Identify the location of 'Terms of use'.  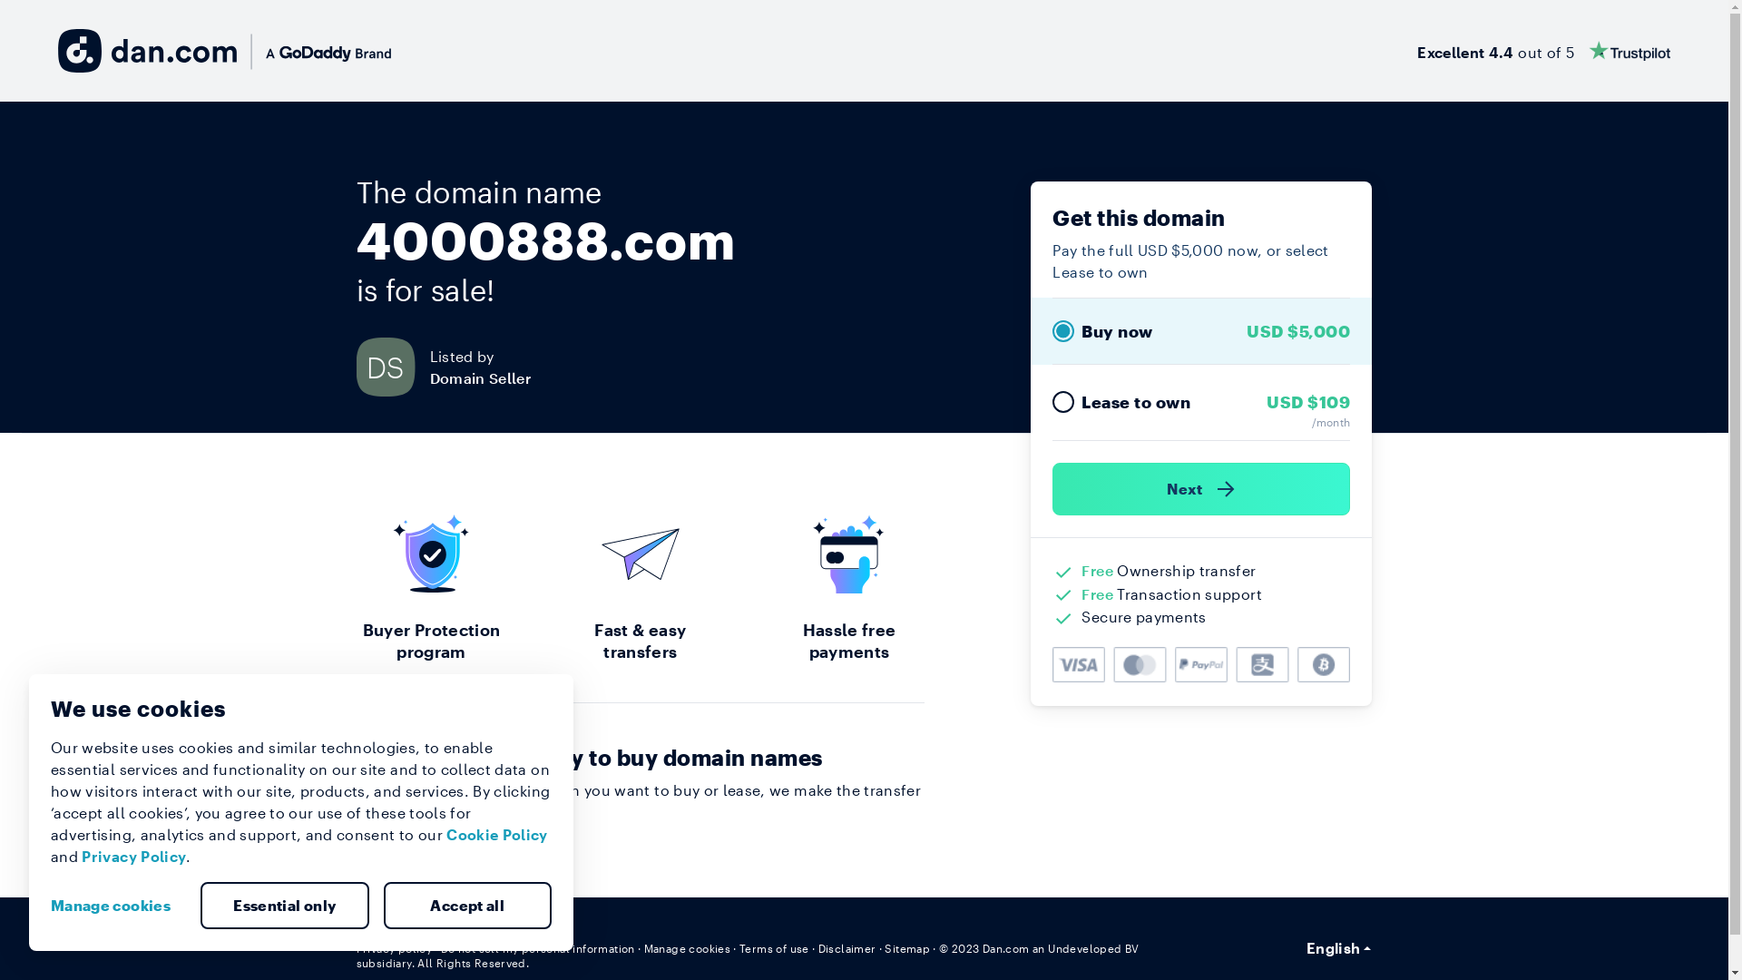
(774, 947).